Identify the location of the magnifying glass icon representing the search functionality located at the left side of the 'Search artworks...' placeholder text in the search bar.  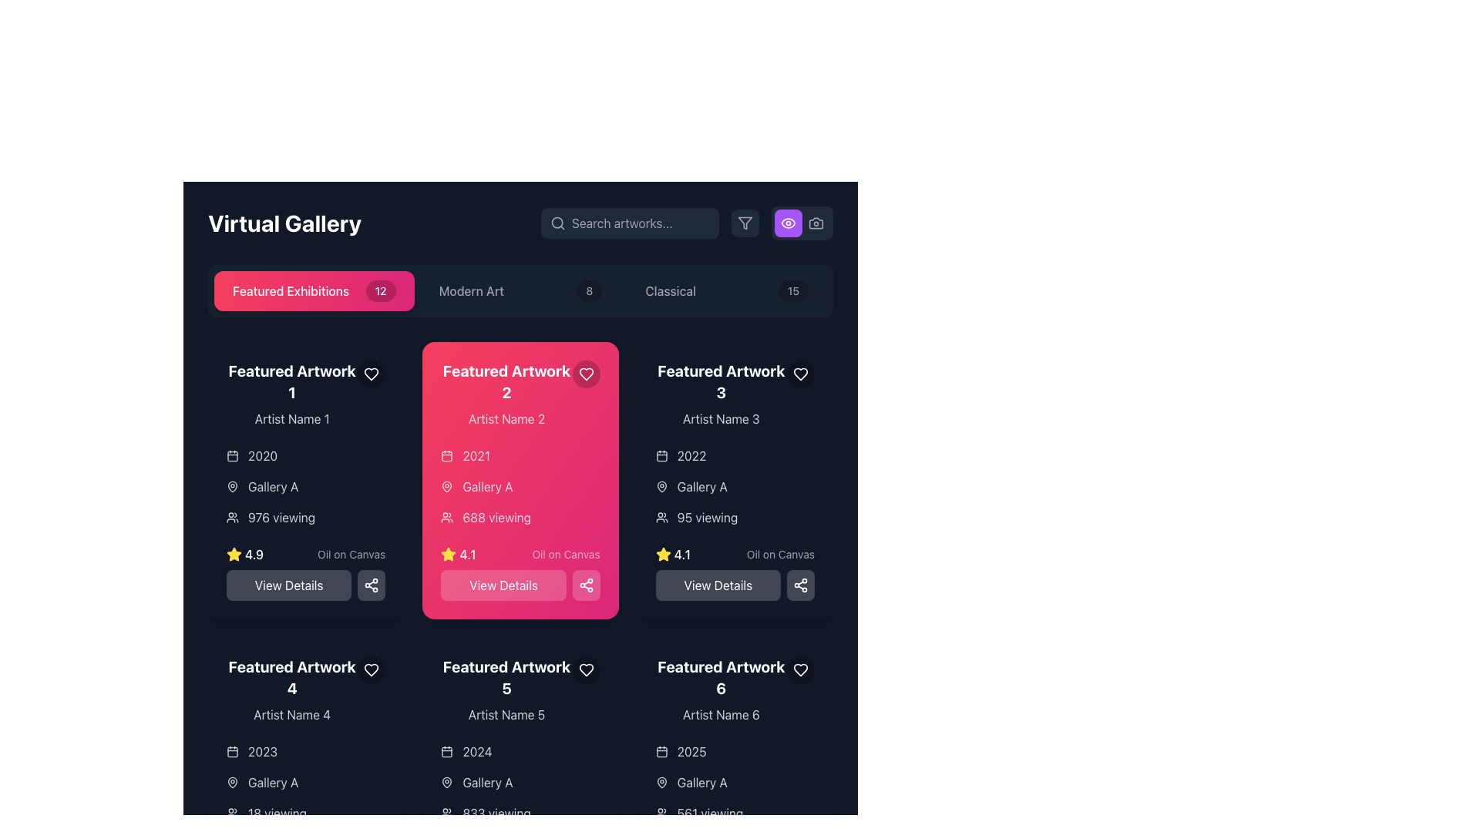
(557, 223).